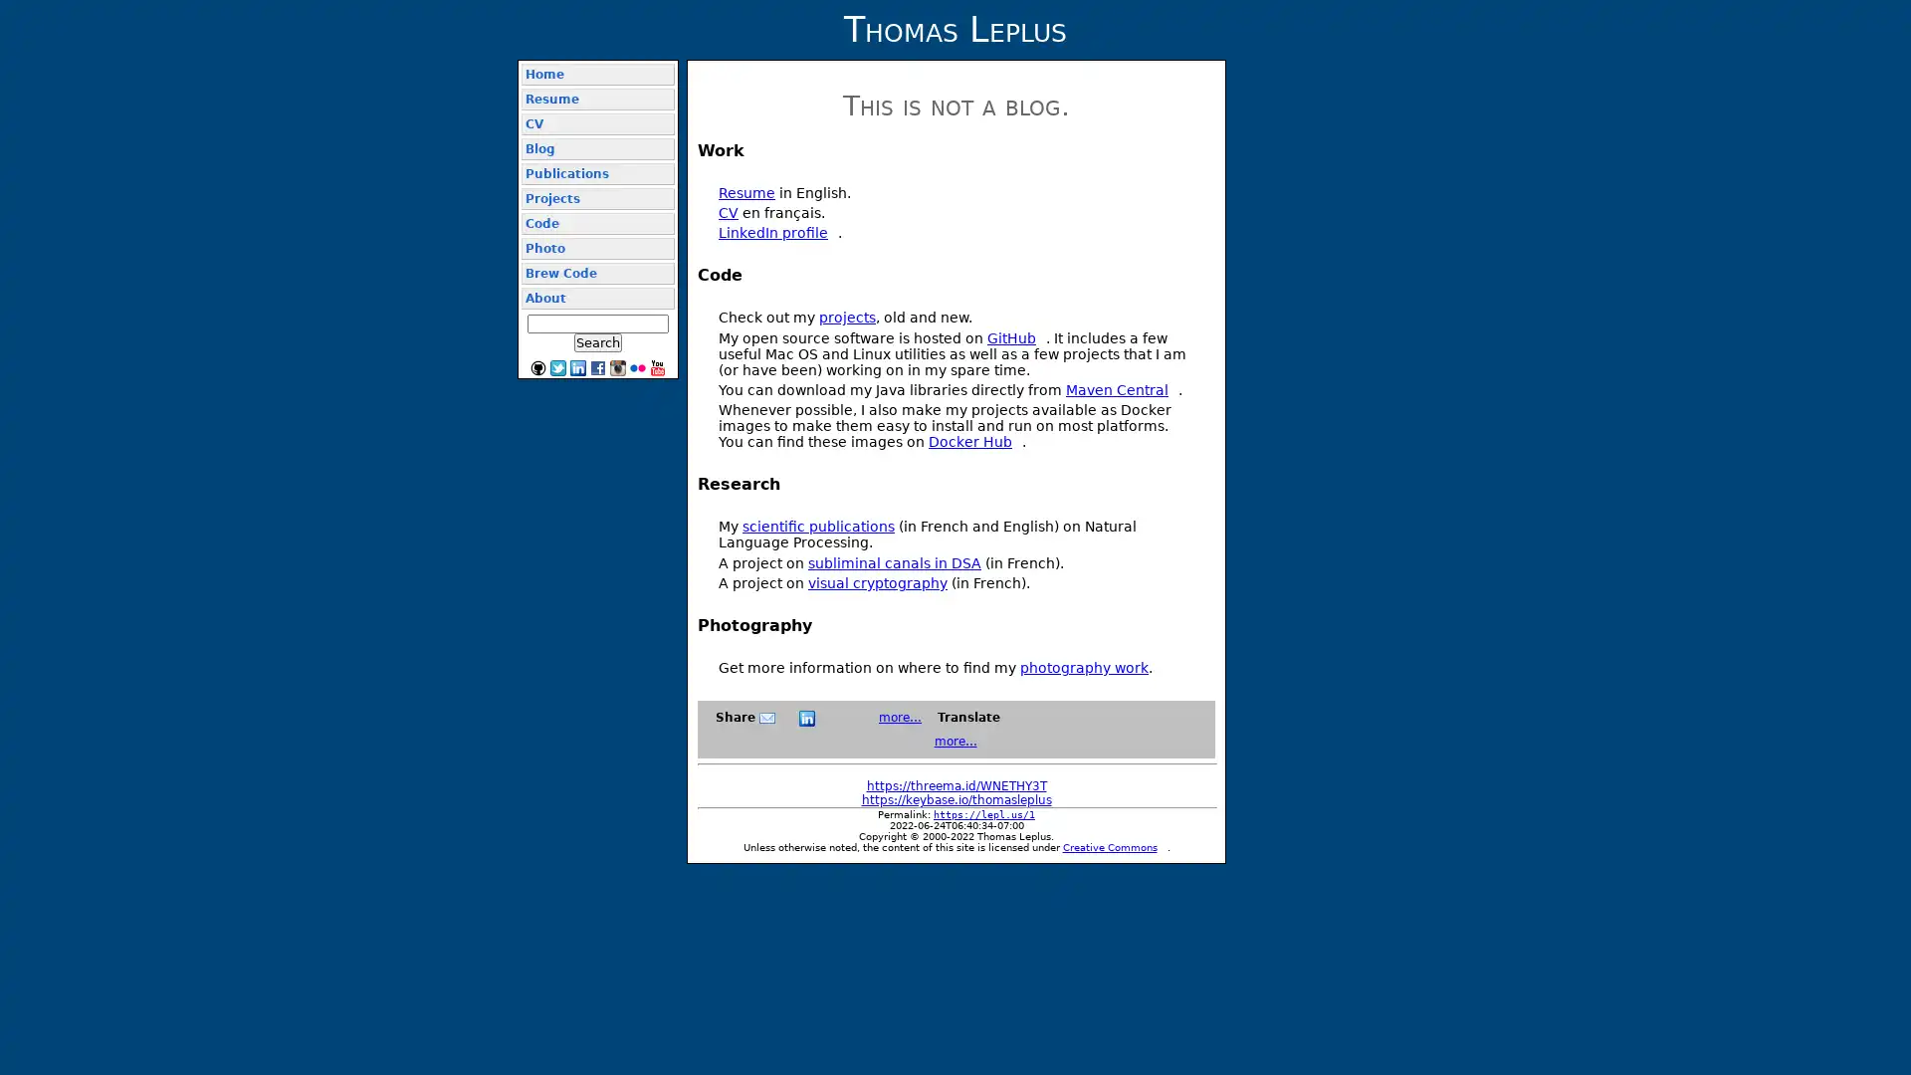 The image size is (1911, 1075). What do you see at coordinates (596, 341) in the screenshot?
I see `Search` at bounding box center [596, 341].